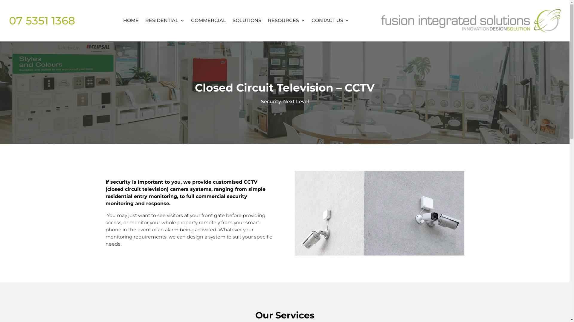 This screenshot has width=574, height=322. I want to click on 'RESIDENTIAL', so click(165, 20).